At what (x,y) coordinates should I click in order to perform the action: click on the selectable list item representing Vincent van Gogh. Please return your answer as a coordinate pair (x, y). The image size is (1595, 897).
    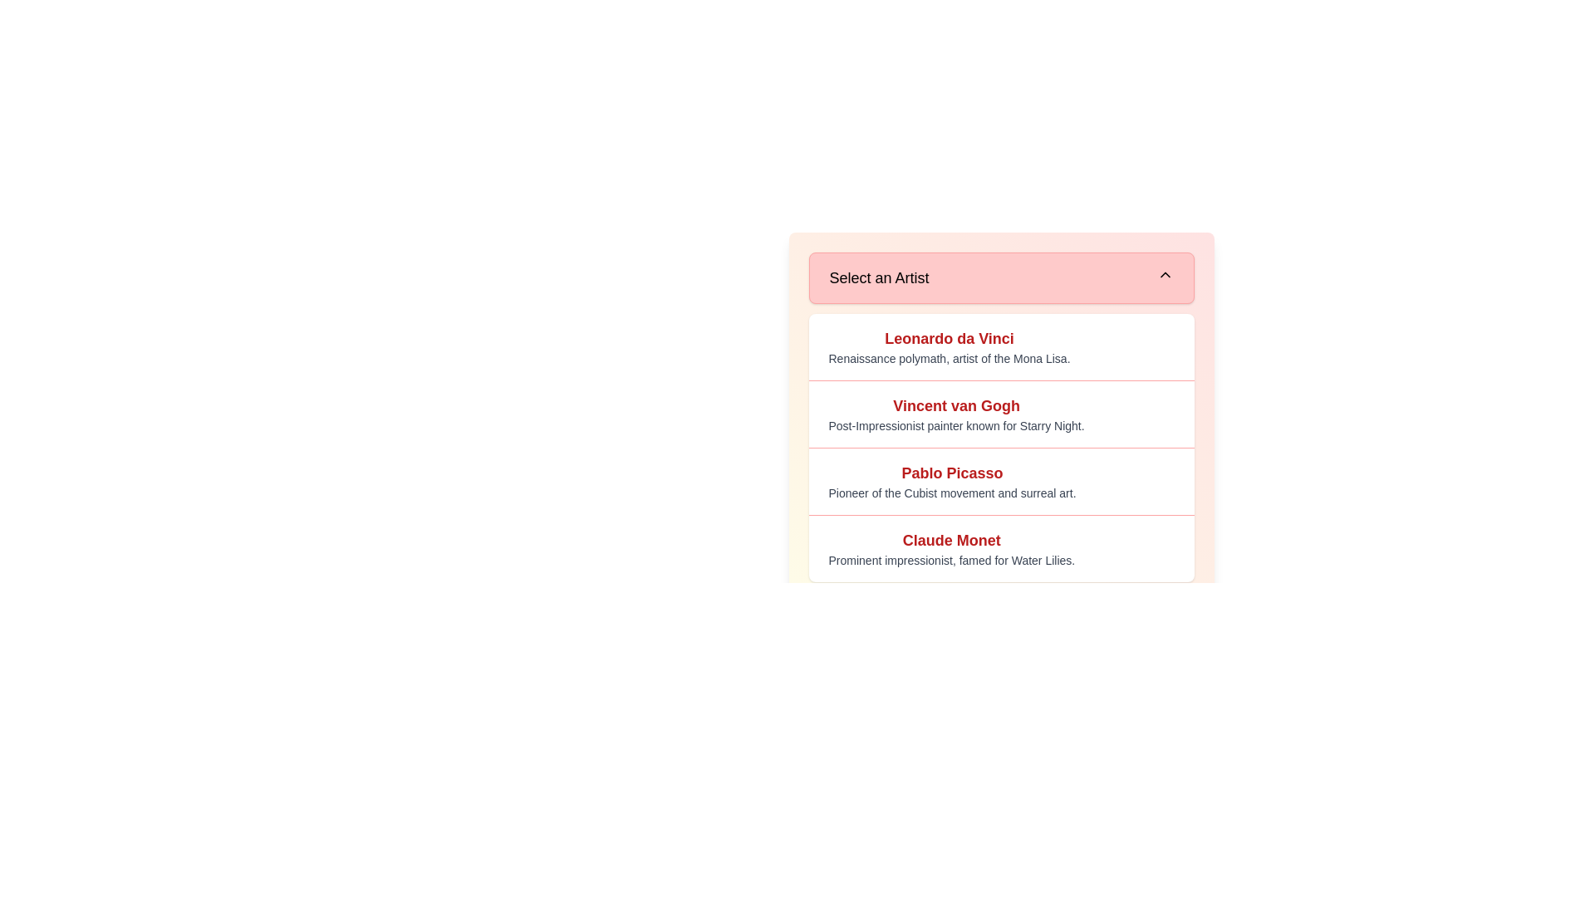
    Looking at the image, I should click on (956, 413).